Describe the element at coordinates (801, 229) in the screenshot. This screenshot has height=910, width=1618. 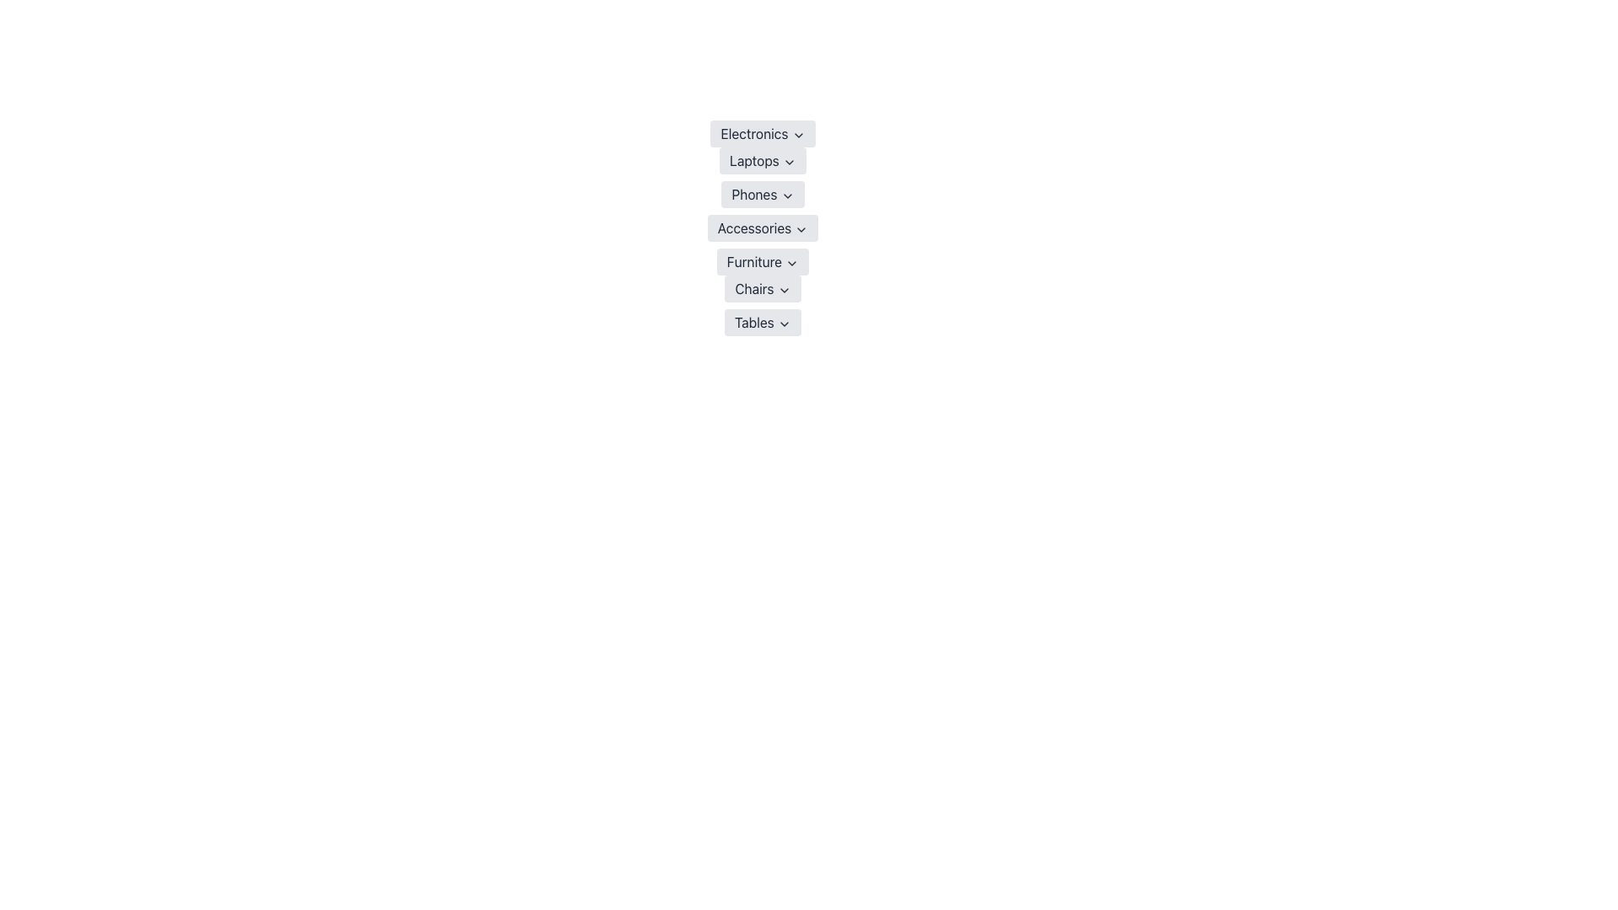
I see `the downward-facing arrow icon of the Dropdown Indicator within the 'Accessories' button` at that location.